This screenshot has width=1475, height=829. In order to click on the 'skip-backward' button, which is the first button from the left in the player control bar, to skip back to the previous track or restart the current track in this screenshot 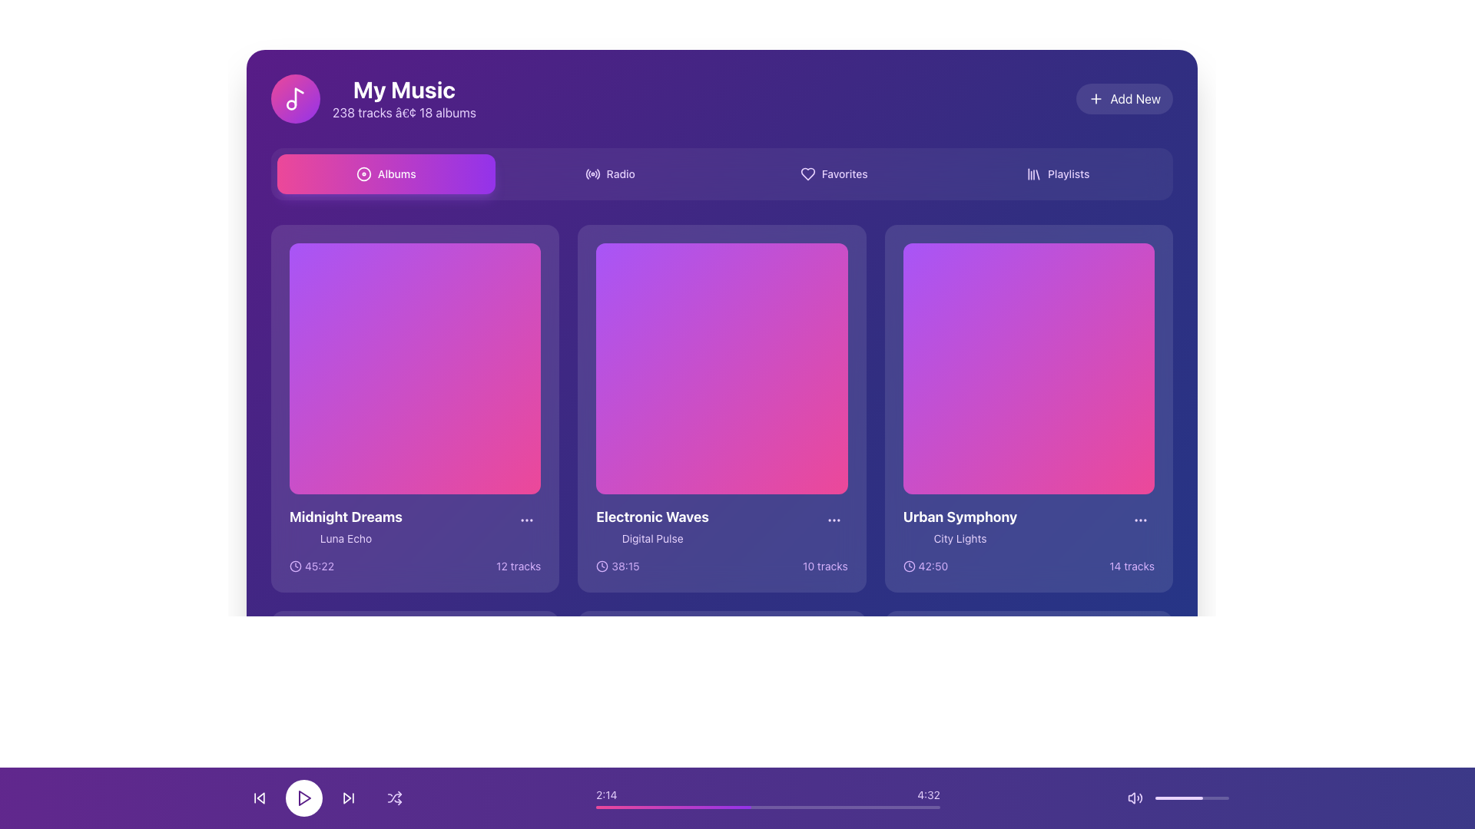, I will do `click(259, 798)`.